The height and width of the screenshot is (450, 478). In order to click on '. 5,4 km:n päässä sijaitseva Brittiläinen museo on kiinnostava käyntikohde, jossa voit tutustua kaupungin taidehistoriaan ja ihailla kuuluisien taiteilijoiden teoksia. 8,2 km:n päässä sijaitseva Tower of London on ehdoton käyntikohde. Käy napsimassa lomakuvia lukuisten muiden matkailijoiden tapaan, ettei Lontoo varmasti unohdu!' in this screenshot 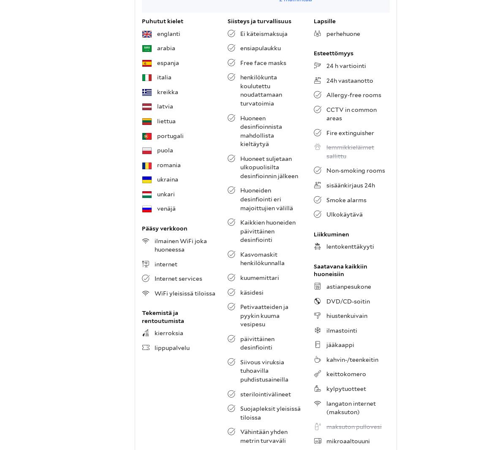, I will do `click(263, 230)`.